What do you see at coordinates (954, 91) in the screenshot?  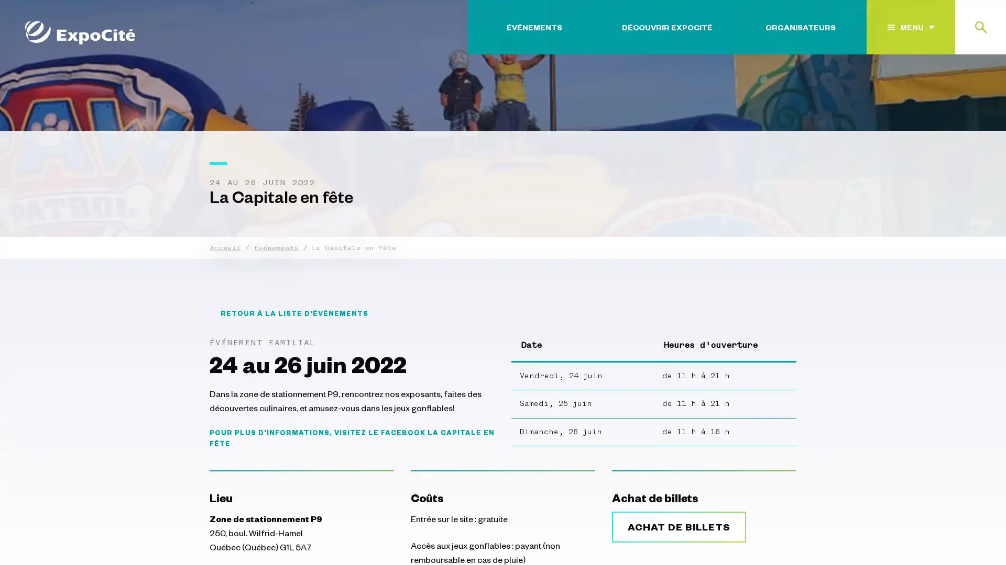 I see `TROUVER` at bounding box center [954, 91].